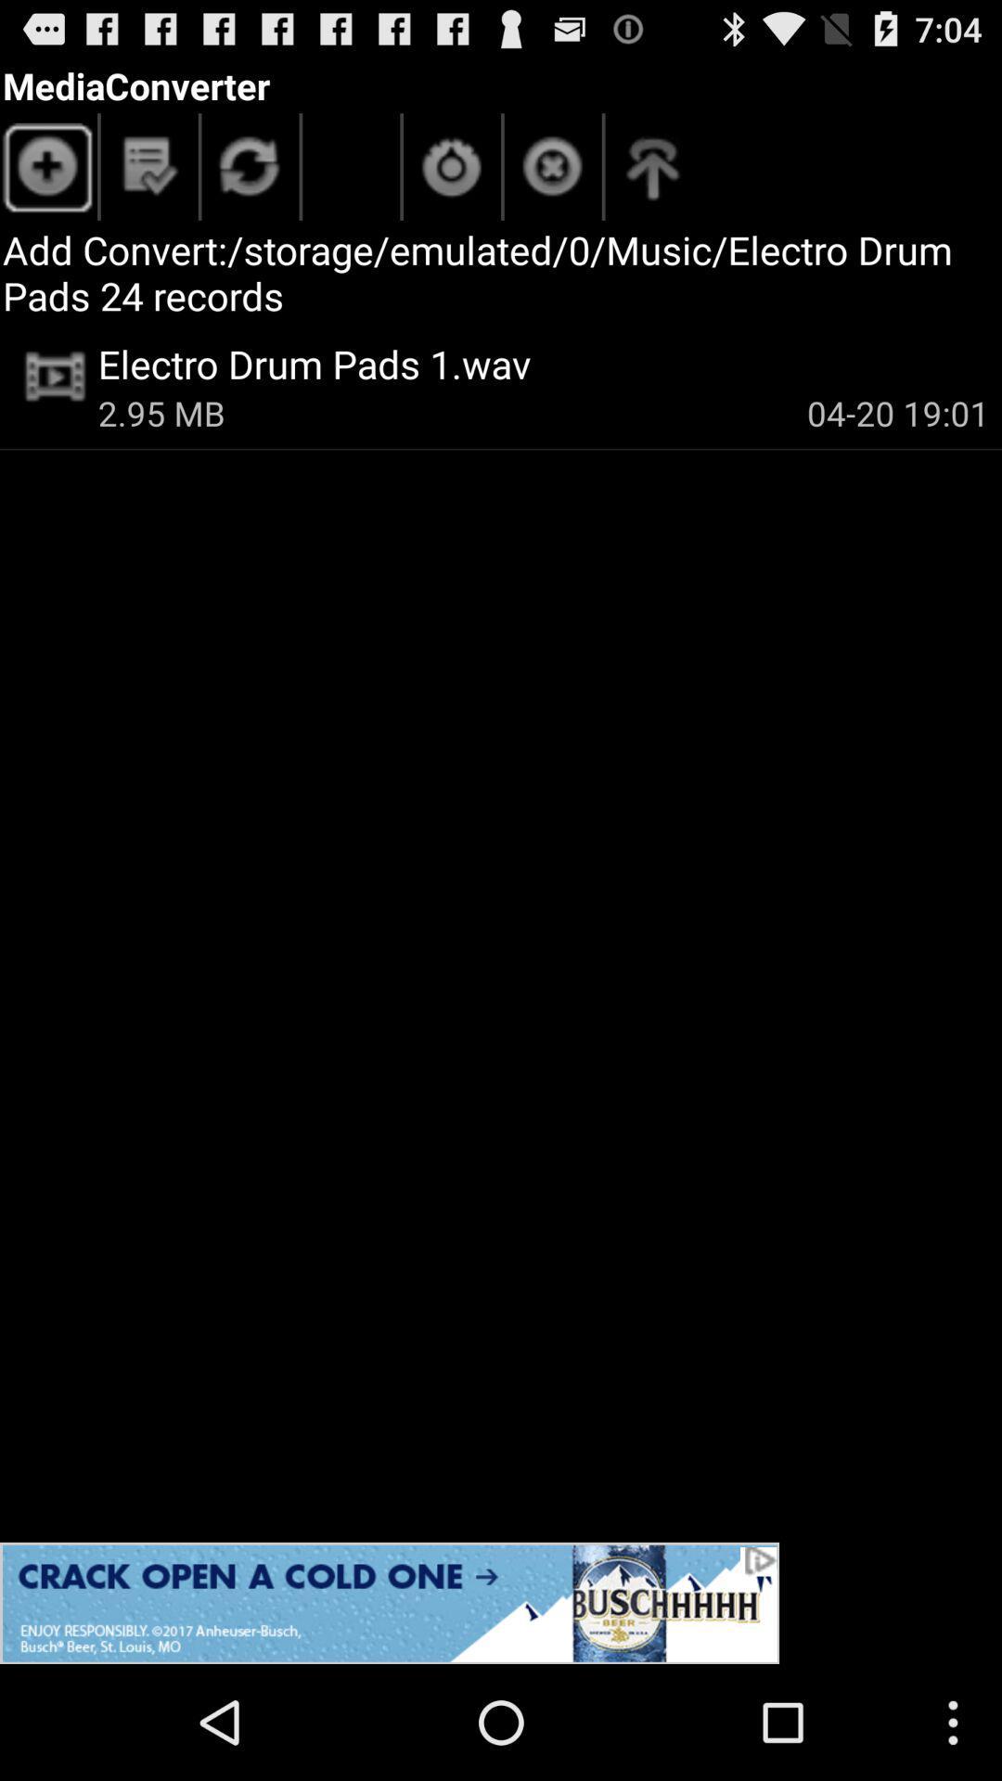 The image size is (1002, 1781). What do you see at coordinates (400, 167) in the screenshot?
I see `the alternative black line which is beside reload button` at bounding box center [400, 167].